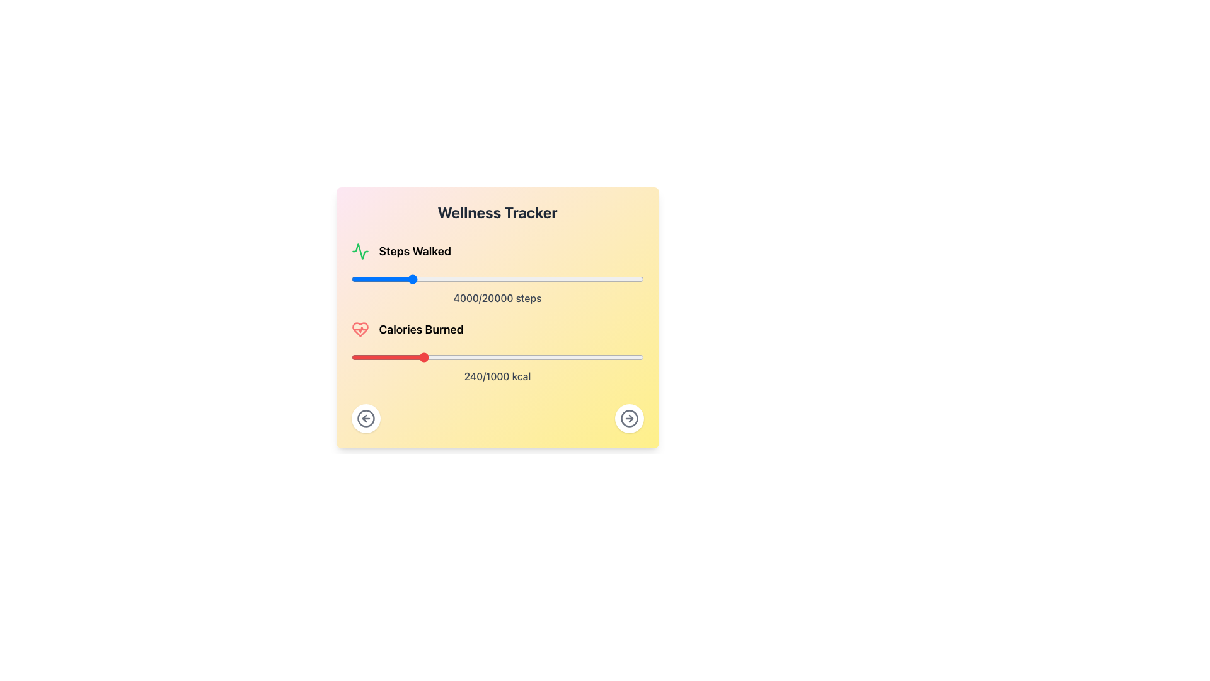  I want to click on the calories burned slider, so click(488, 358).